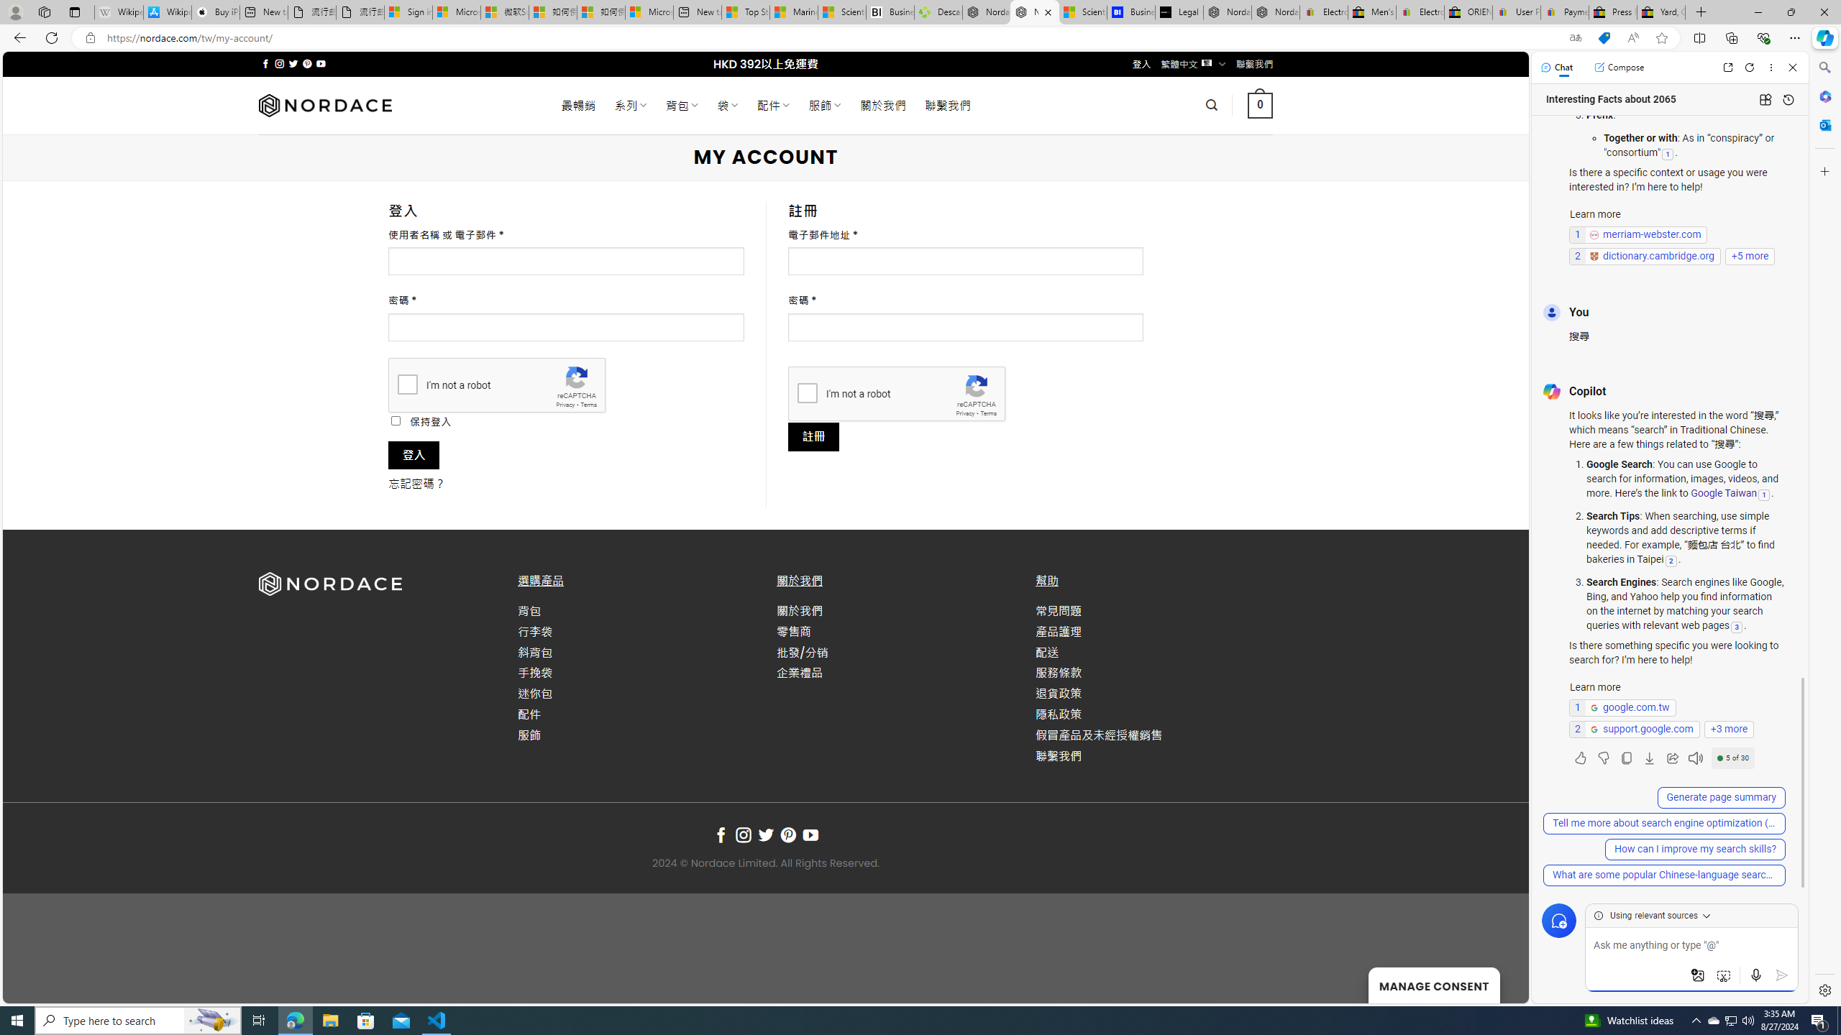  Describe the element at coordinates (1258, 104) in the screenshot. I see `'  0  '` at that location.